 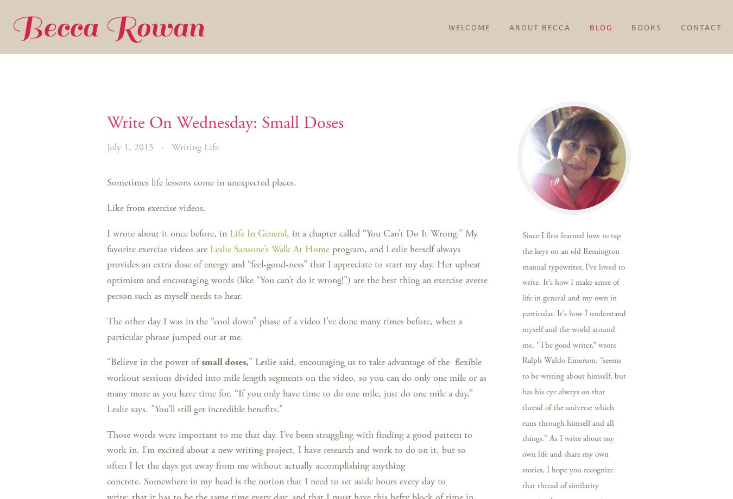 What do you see at coordinates (257, 232) in the screenshot?
I see `'Life In General'` at bounding box center [257, 232].